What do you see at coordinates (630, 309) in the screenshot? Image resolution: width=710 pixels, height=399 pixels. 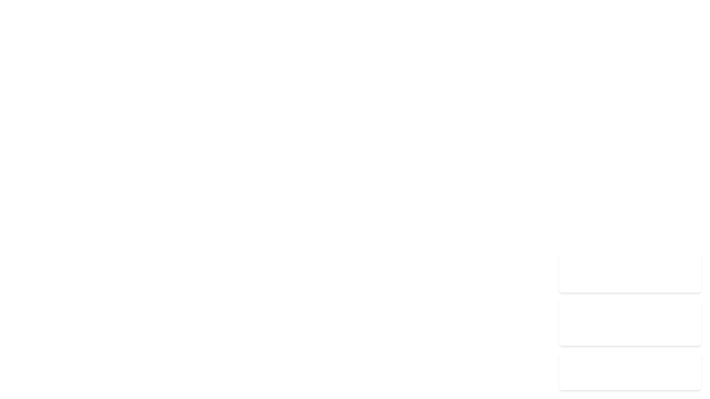 I see `the header text display indicating a successful operation message` at bounding box center [630, 309].